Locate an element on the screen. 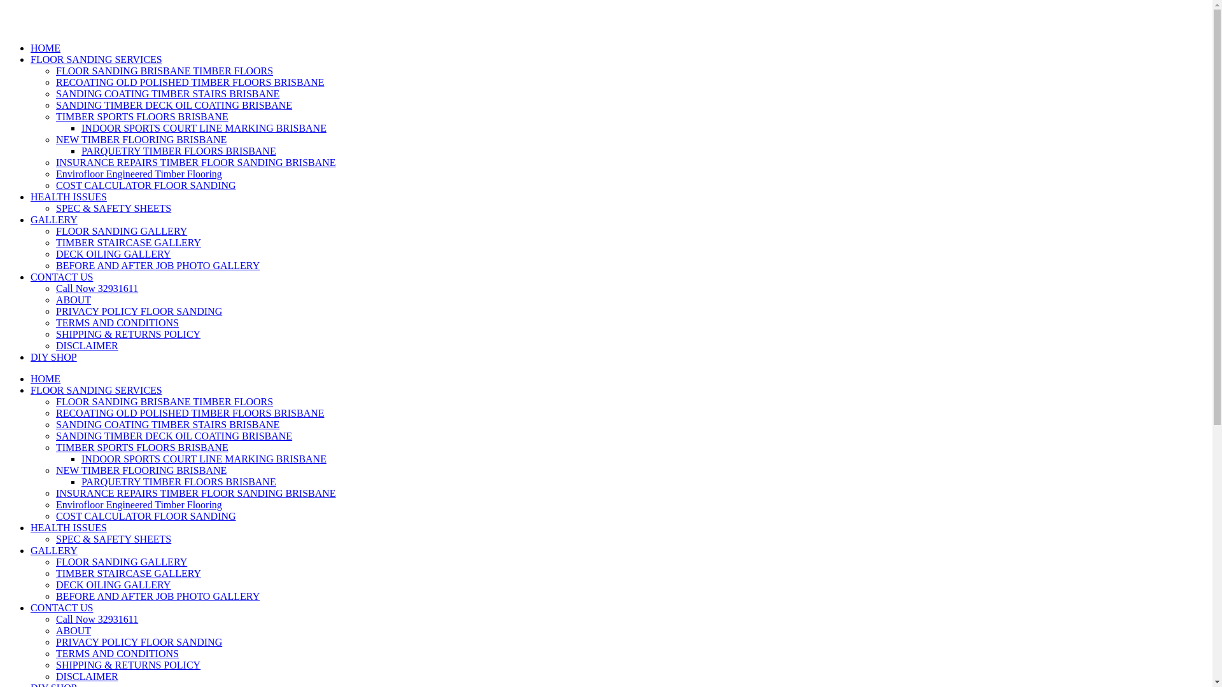 Image resolution: width=1222 pixels, height=687 pixels. 'NEW TIMBER FLOORING BRISBANE' is located at coordinates (141, 139).